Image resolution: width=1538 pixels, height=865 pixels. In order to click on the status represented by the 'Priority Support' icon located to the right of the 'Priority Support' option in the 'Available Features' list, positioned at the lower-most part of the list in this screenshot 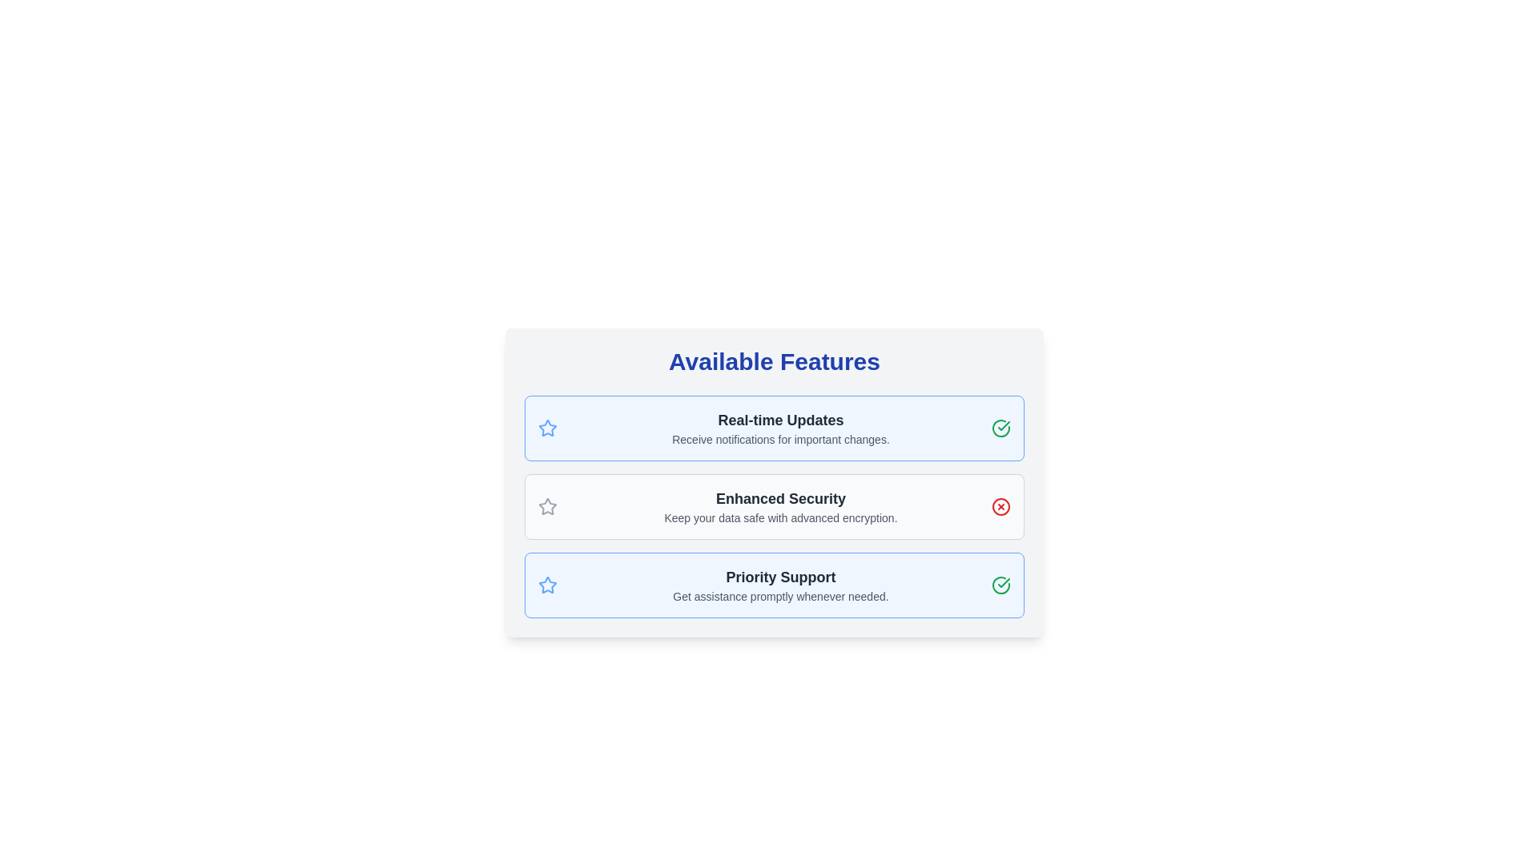, I will do `click(1000, 428)`.